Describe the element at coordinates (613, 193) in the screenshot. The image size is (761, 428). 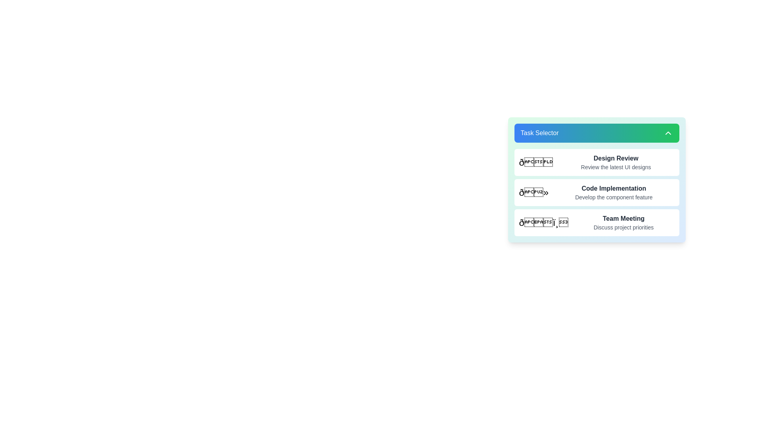
I see `text of the label that provides context and purpose for the user to select or refer to the task related to code implementation, located in the middle row of a vertical list of task selections` at that location.